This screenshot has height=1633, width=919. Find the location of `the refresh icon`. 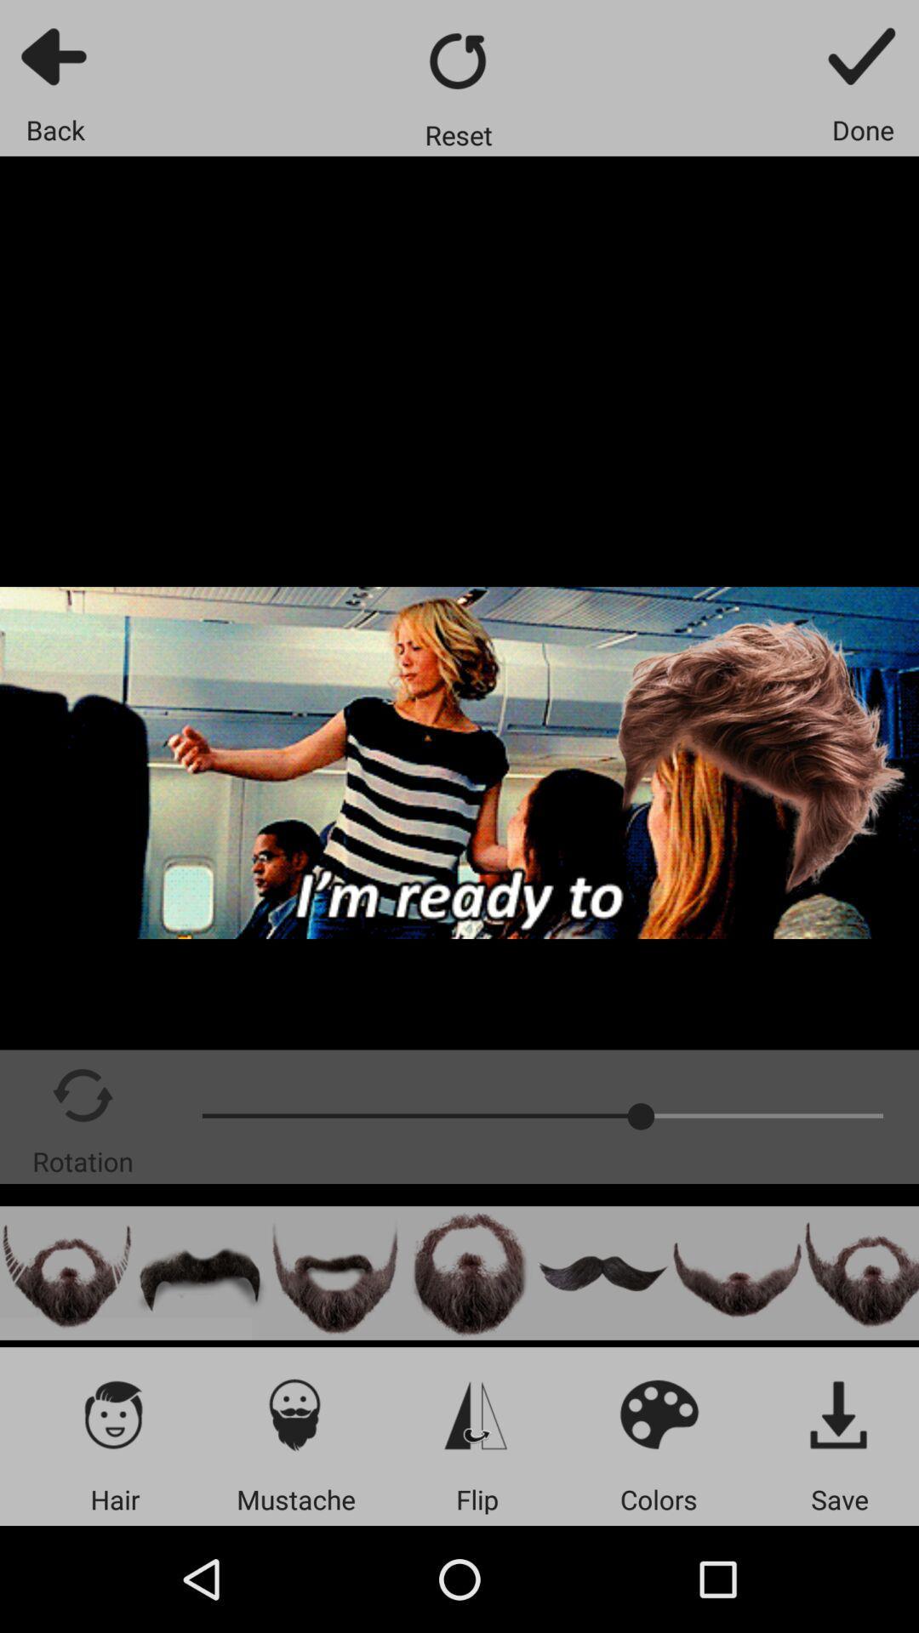

the refresh icon is located at coordinates (458, 60).